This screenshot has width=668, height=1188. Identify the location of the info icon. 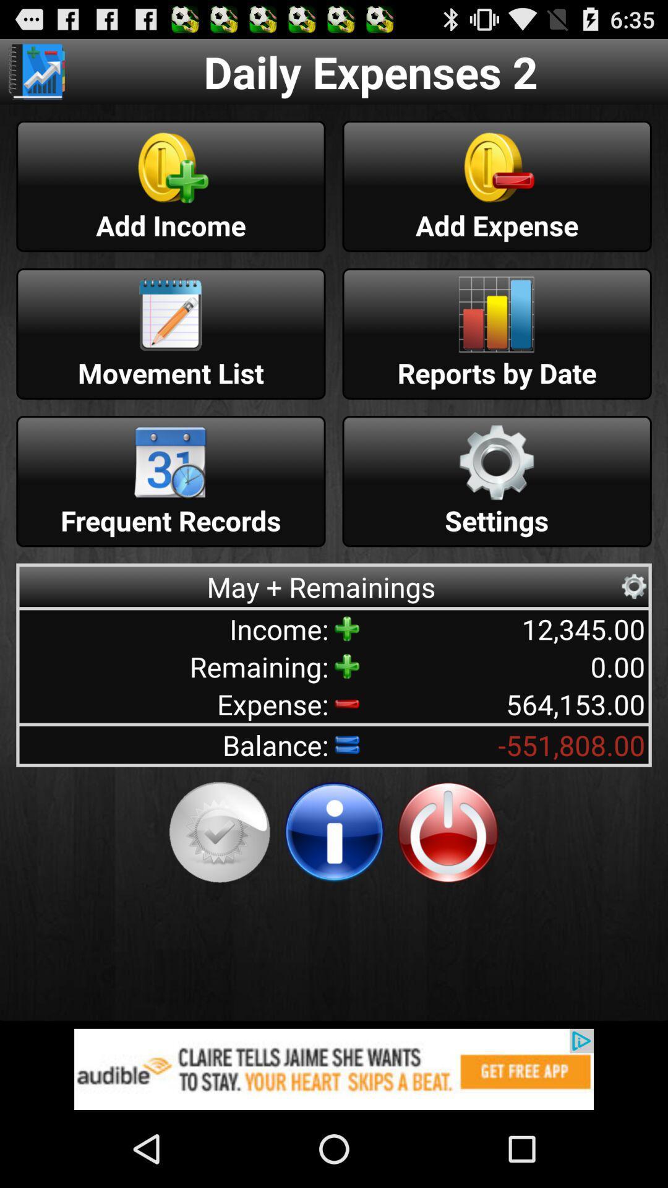
(334, 891).